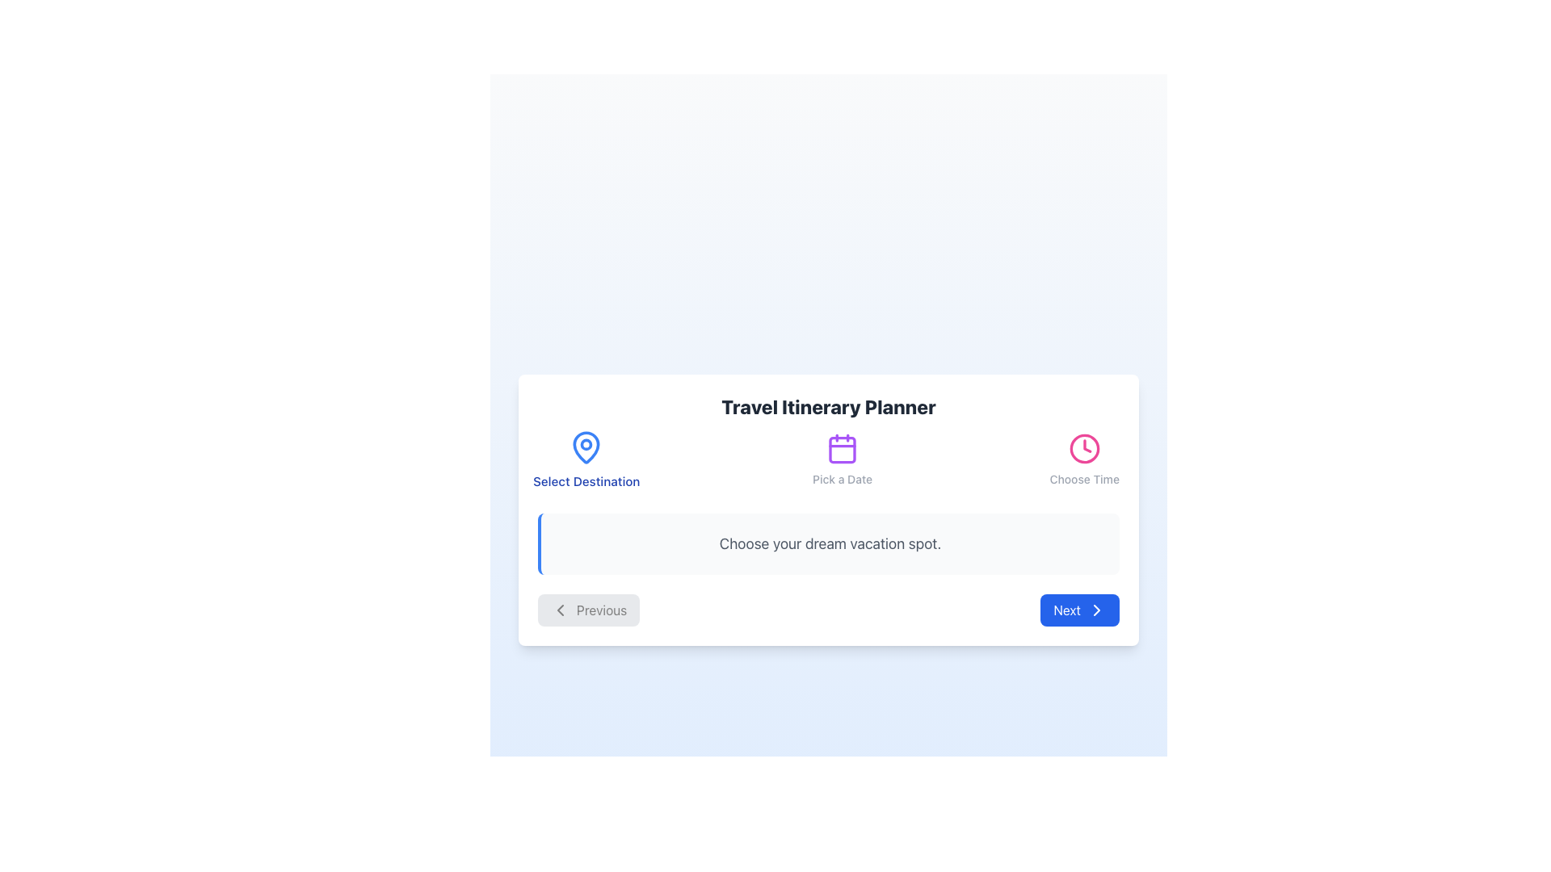  I want to click on the icon within the 'Previous' button located at the bottom-left of the card interface, so click(561, 610).